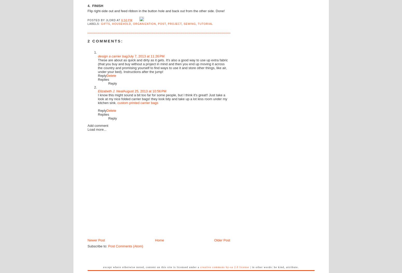 The height and width of the screenshot is (273, 402). Describe the element at coordinates (184, 24) in the screenshot. I see `'Sewing'` at that location.